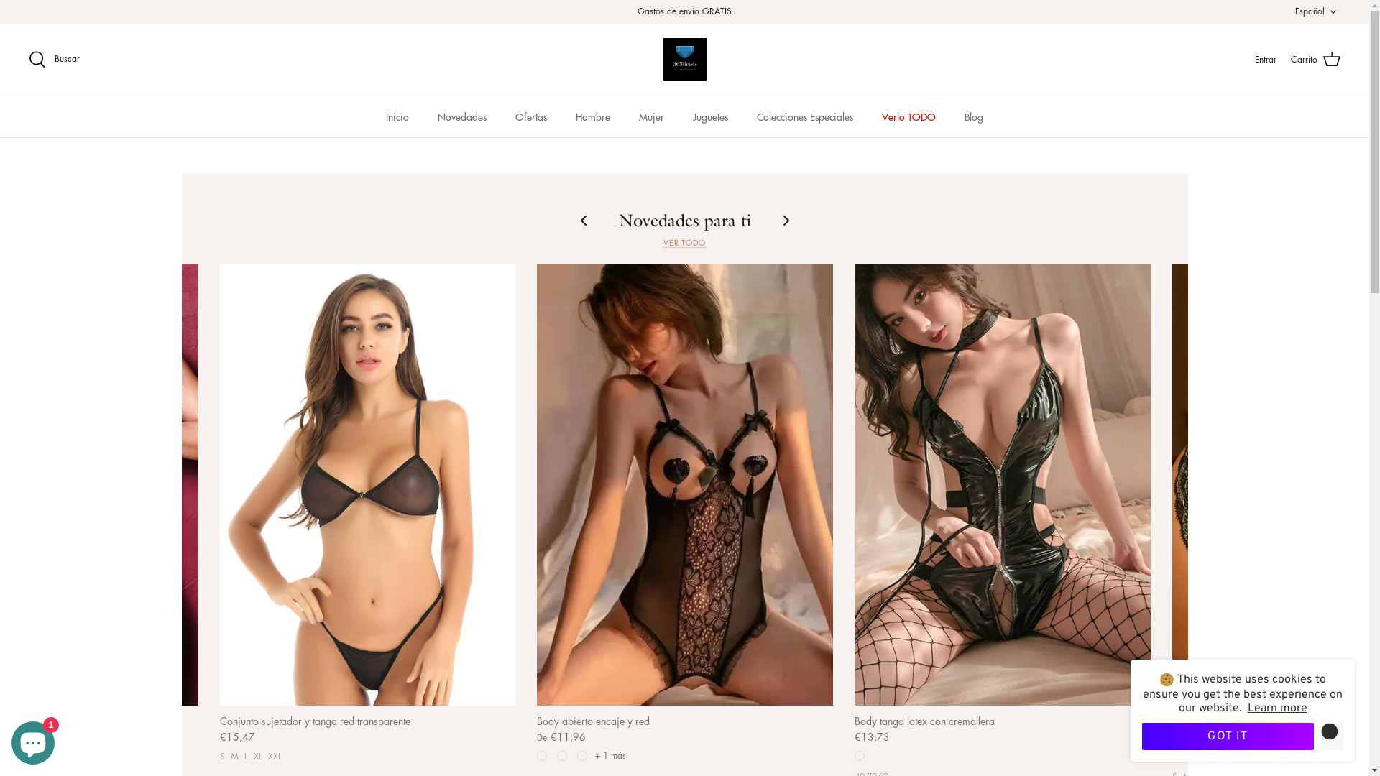 This screenshot has height=776, width=1380. What do you see at coordinates (684, 240) in the screenshot?
I see `'VER TODO'` at bounding box center [684, 240].